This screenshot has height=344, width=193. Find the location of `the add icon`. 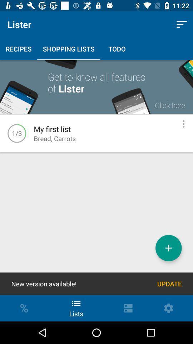

the add icon is located at coordinates (168, 248).